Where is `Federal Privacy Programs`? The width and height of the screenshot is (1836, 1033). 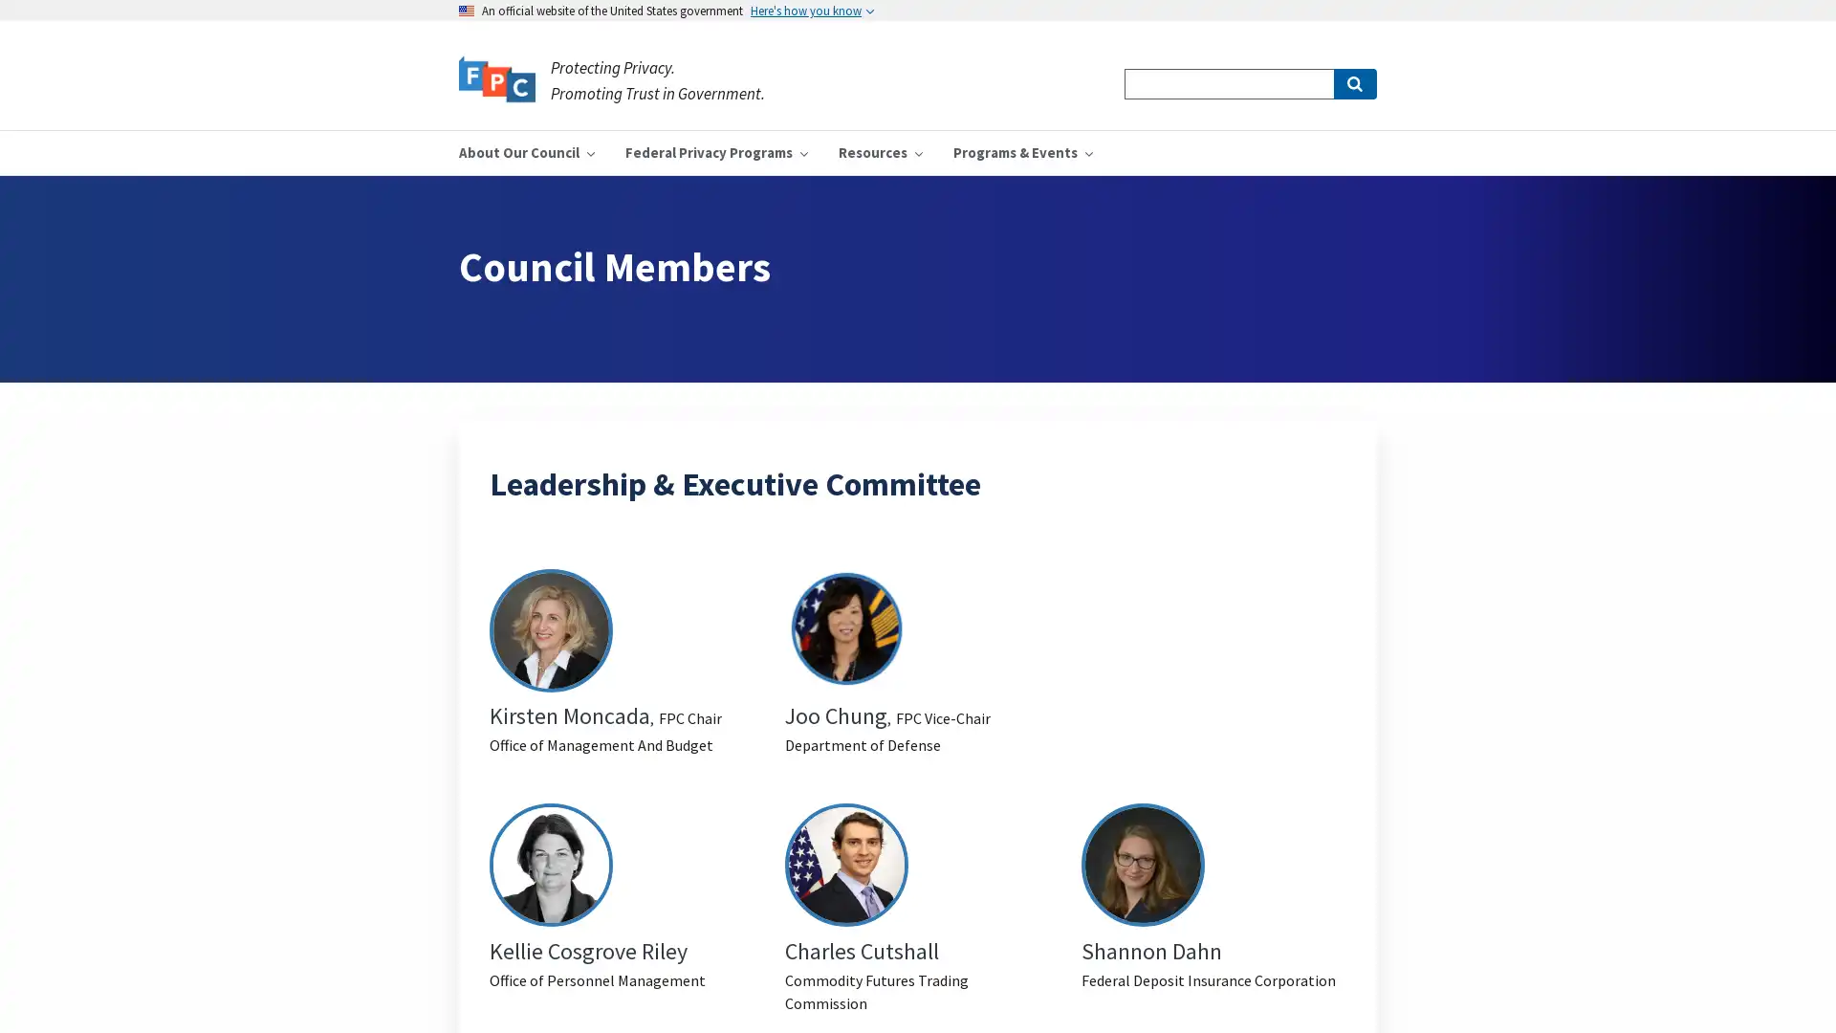 Federal Privacy Programs is located at coordinates (715, 151).